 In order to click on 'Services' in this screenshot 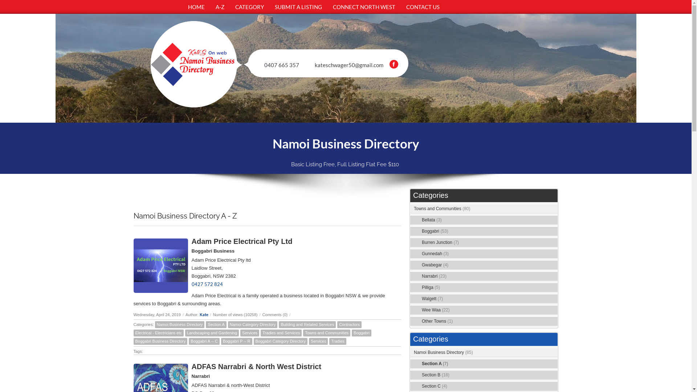, I will do `click(318, 341)`.